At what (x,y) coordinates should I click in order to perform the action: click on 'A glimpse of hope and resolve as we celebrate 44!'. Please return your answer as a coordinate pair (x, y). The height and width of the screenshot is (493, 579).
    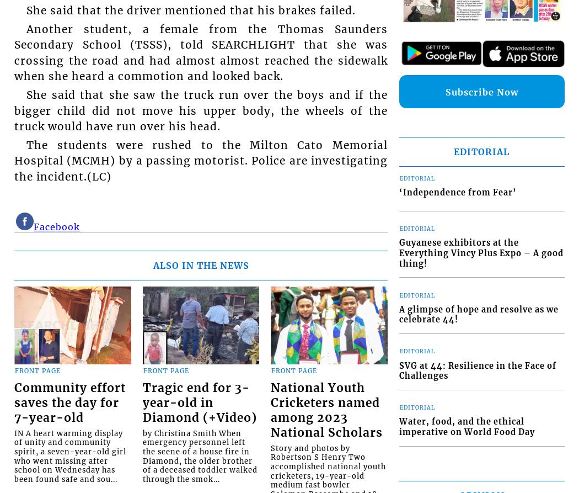
    Looking at the image, I should click on (478, 314).